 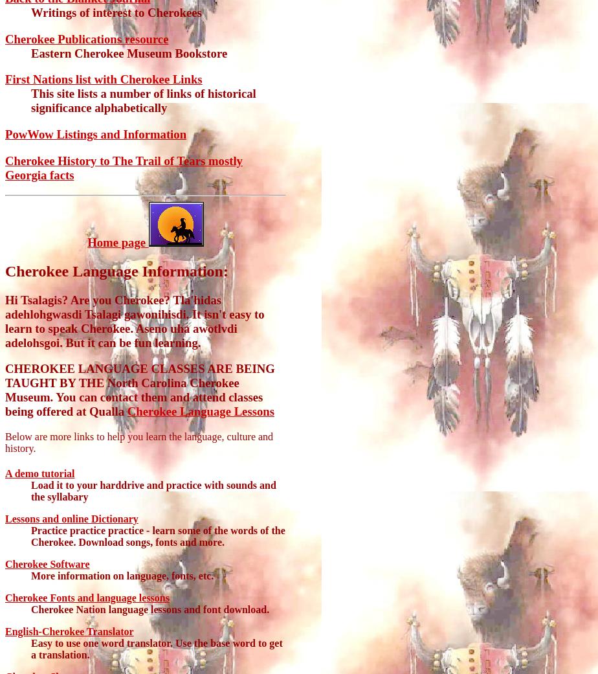 What do you see at coordinates (118, 242) in the screenshot?
I see `'Home page'` at bounding box center [118, 242].